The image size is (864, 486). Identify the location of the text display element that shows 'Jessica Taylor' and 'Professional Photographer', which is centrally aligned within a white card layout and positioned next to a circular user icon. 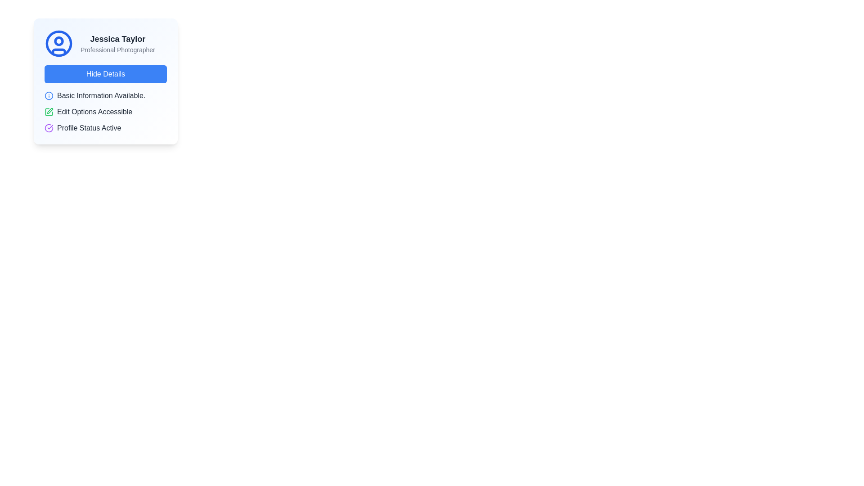
(117, 43).